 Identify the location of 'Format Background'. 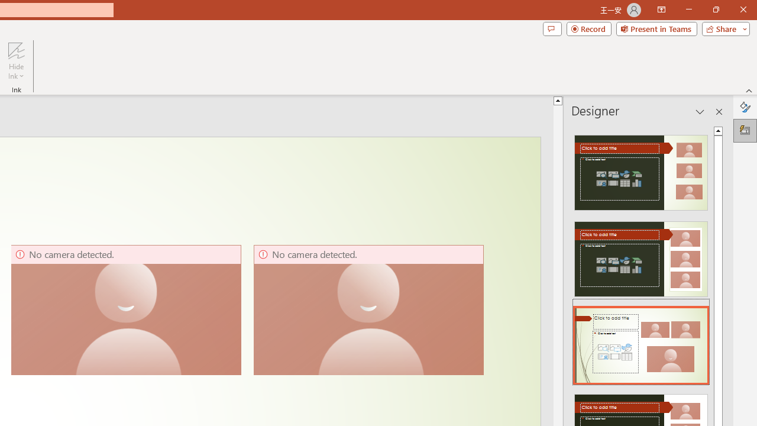
(745, 107).